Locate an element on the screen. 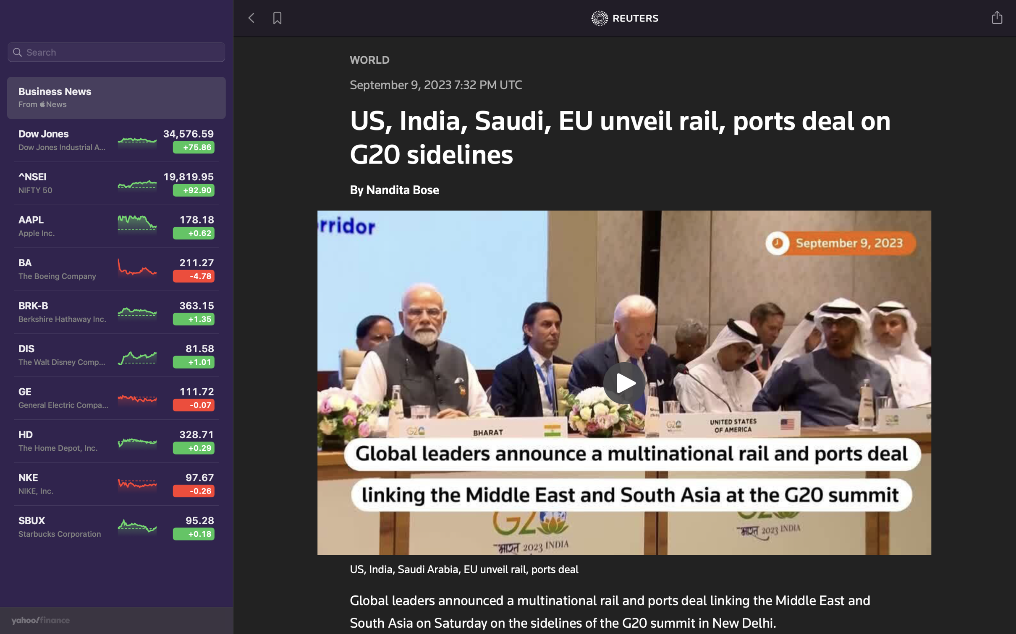 The image size is (1016, 634). Start the news video playback is located at coordinates (625, 381).